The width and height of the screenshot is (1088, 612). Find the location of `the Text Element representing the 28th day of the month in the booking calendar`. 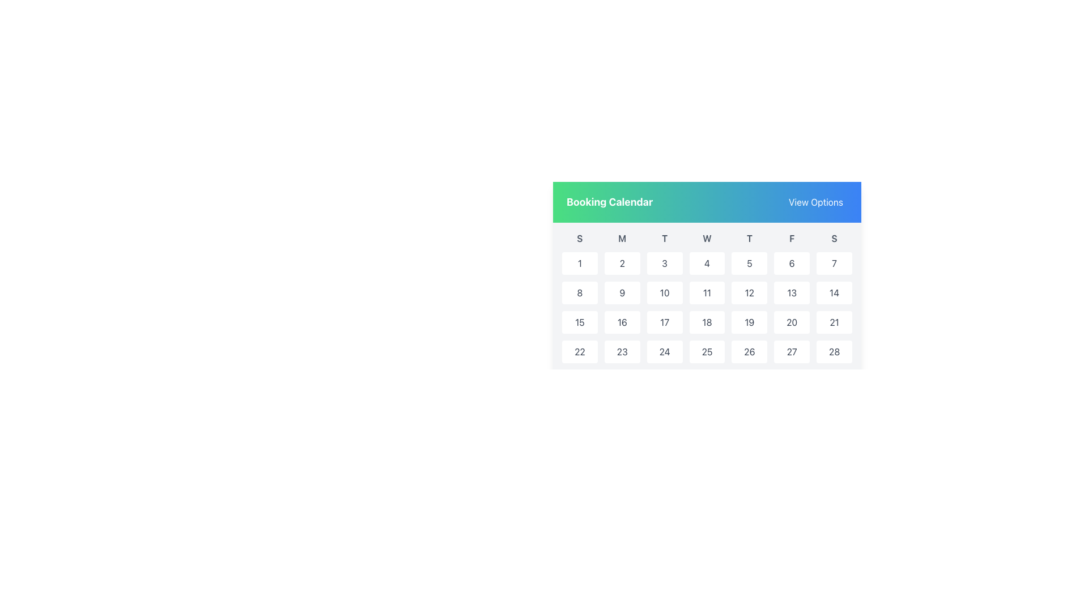

the Text Element representing the 28th day of the month in the booking calendar is located at coordinates (834, 351).